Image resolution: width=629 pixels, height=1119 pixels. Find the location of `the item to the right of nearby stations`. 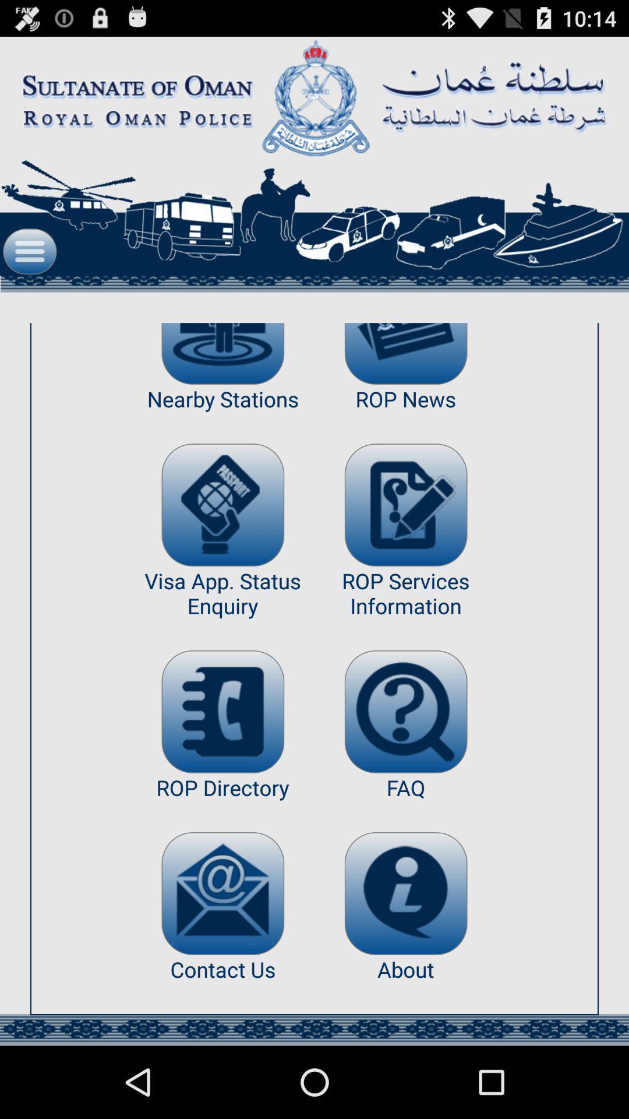

the item to the right of nearby stations is located at coordinates (405, 505).